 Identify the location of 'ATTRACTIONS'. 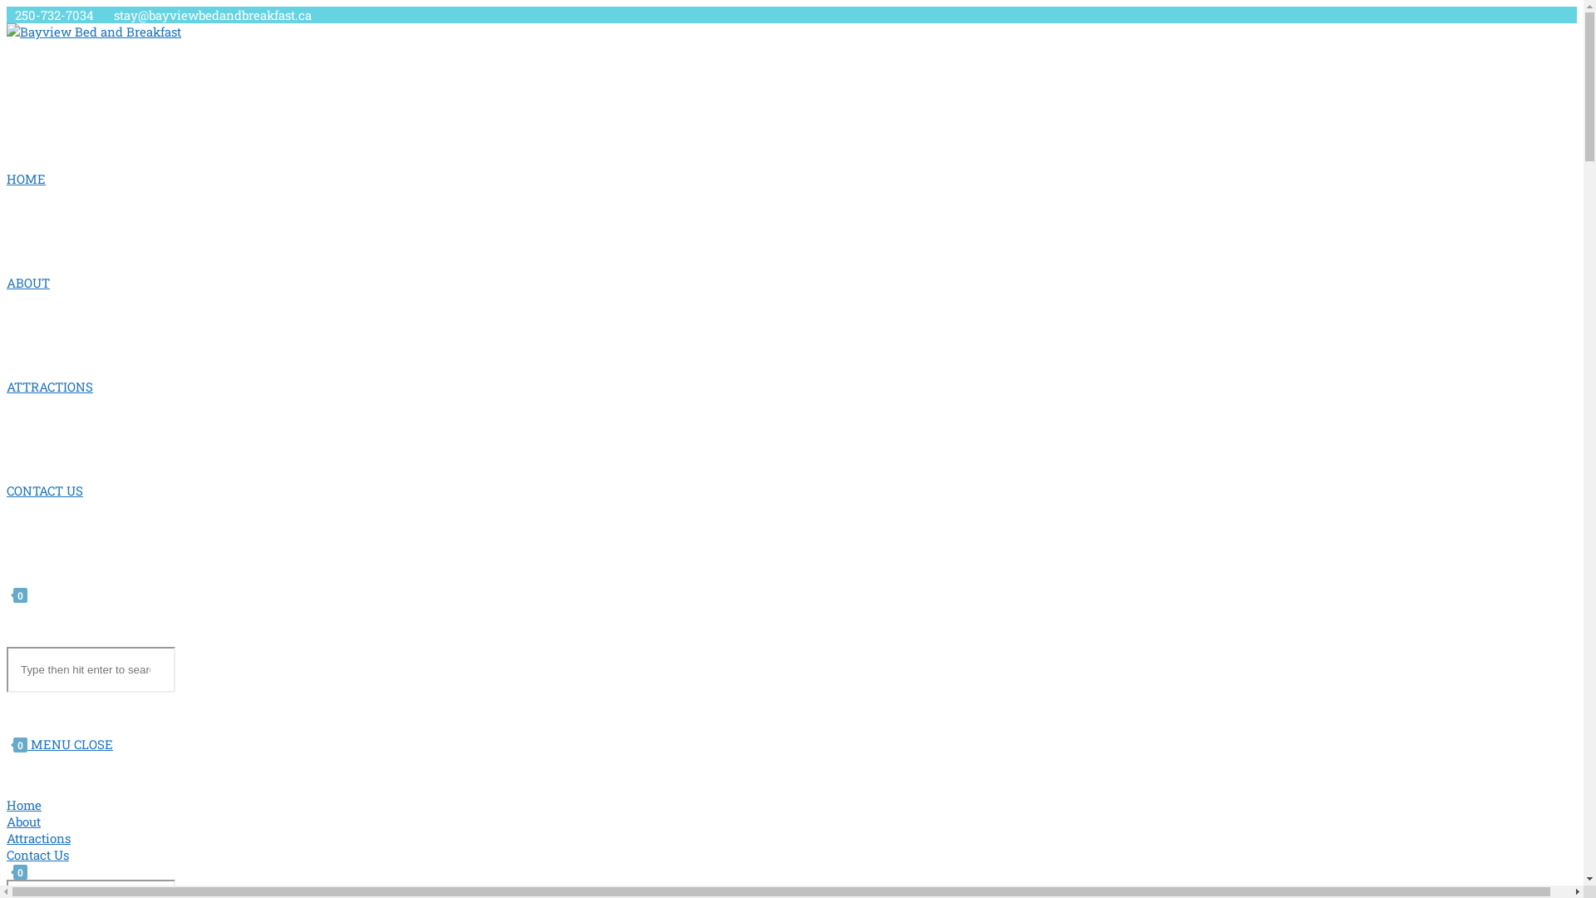
(7, 387).